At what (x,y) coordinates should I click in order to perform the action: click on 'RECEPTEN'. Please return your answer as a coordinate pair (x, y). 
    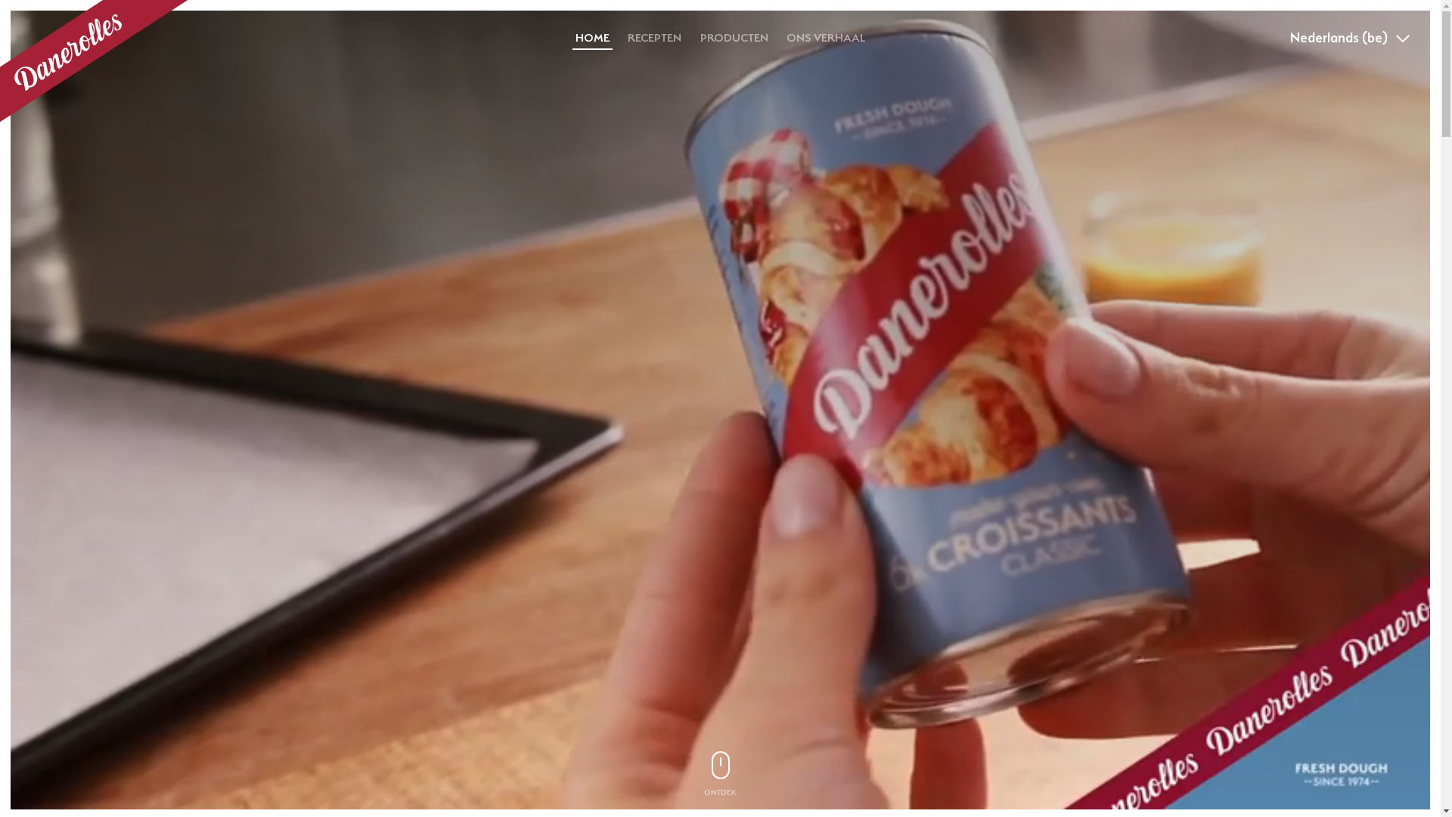
    Looking at the image, I should click on (654, 37).